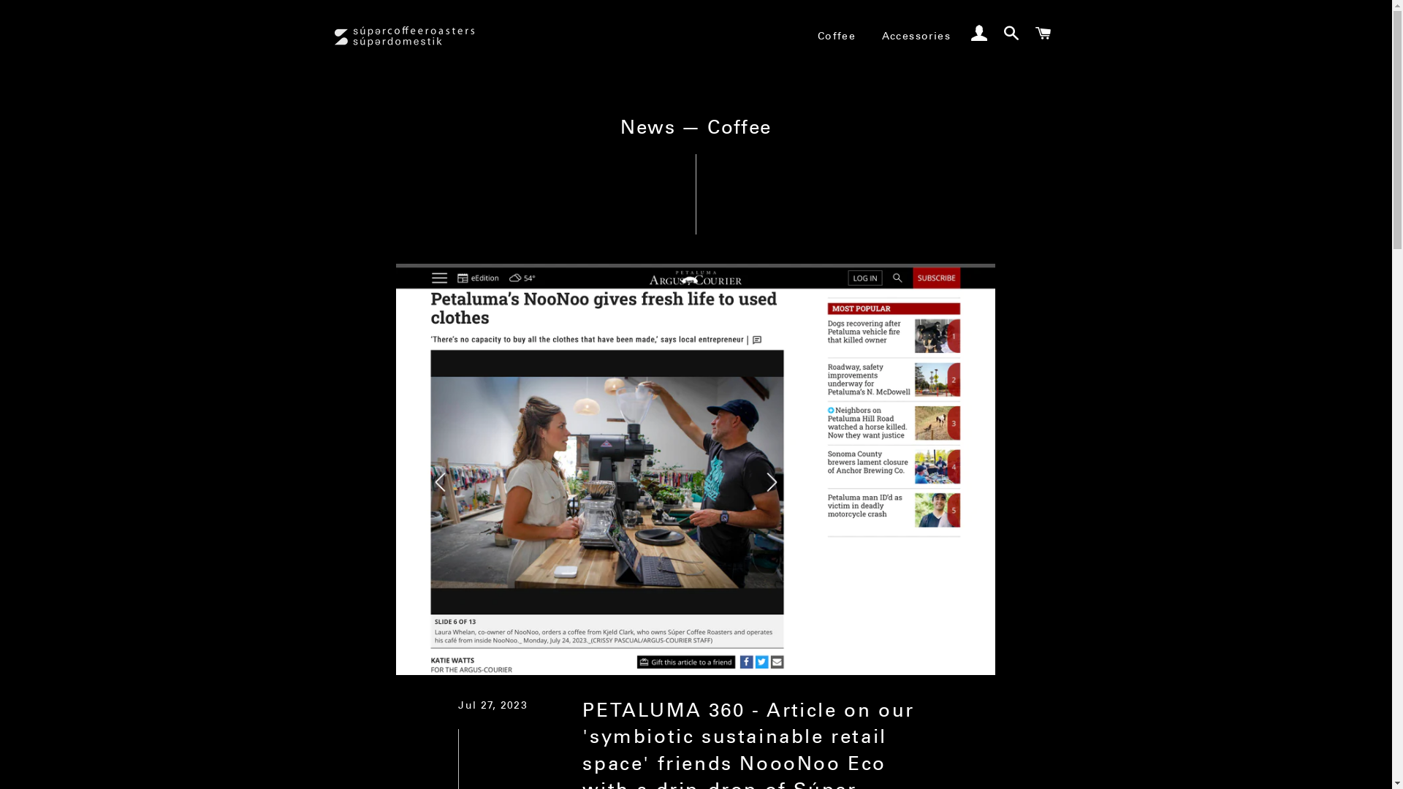  Describe the element at coordinates (1029, 33) in the screenshot. I see `'Cart'` at that location.